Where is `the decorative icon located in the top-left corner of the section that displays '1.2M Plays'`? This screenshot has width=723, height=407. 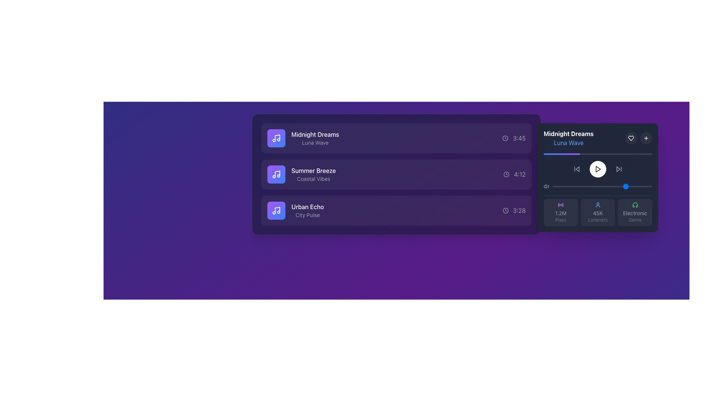 the decorative icon located in the top-left corner of the section that displays '1.2M Plays' is located at coordinates (561, 205).